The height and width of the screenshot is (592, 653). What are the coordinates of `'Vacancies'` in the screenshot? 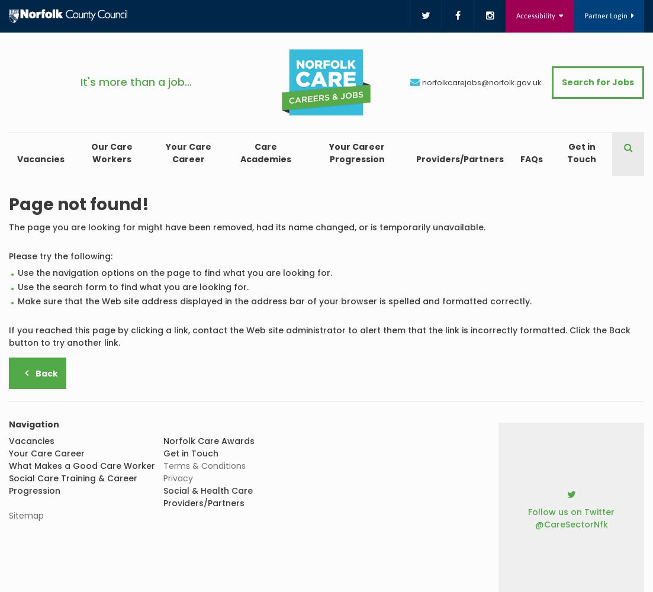 It's located at (41, 159).